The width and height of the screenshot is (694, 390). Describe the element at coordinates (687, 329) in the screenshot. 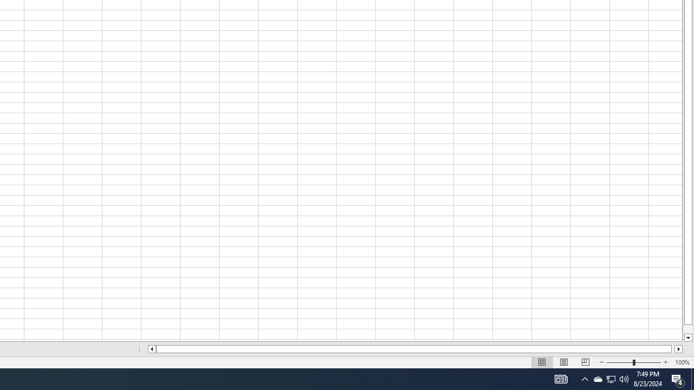

I see `'Page down'` at that location.